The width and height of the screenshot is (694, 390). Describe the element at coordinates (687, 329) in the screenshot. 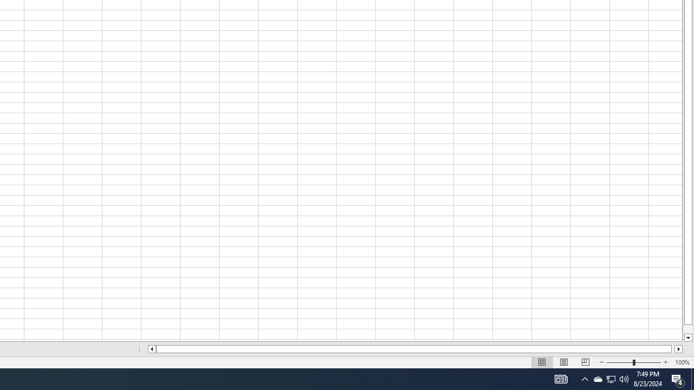

I see `'Page down'` at that location.